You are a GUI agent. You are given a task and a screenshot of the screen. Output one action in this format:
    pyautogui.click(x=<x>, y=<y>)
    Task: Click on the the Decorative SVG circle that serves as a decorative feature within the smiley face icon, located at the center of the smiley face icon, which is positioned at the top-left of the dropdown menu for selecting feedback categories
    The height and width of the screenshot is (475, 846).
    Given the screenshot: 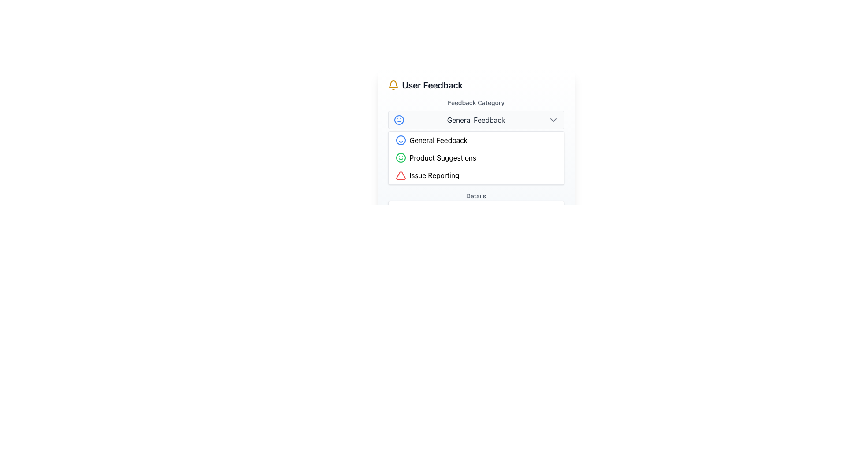 What is the action you would take?
    pyautogui.click(x=400, y=157)
    